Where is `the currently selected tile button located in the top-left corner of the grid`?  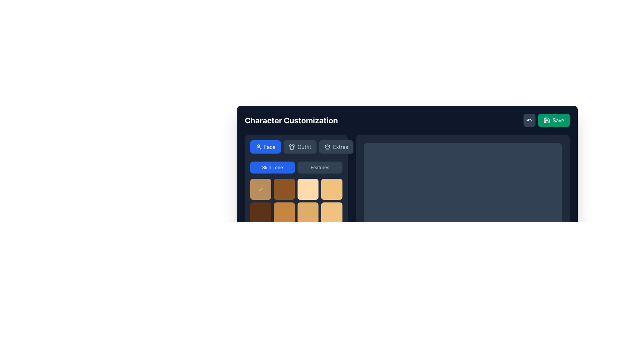
the currently selected tile button located in the top-left corner of the grid is located at coordinates (260, 189).